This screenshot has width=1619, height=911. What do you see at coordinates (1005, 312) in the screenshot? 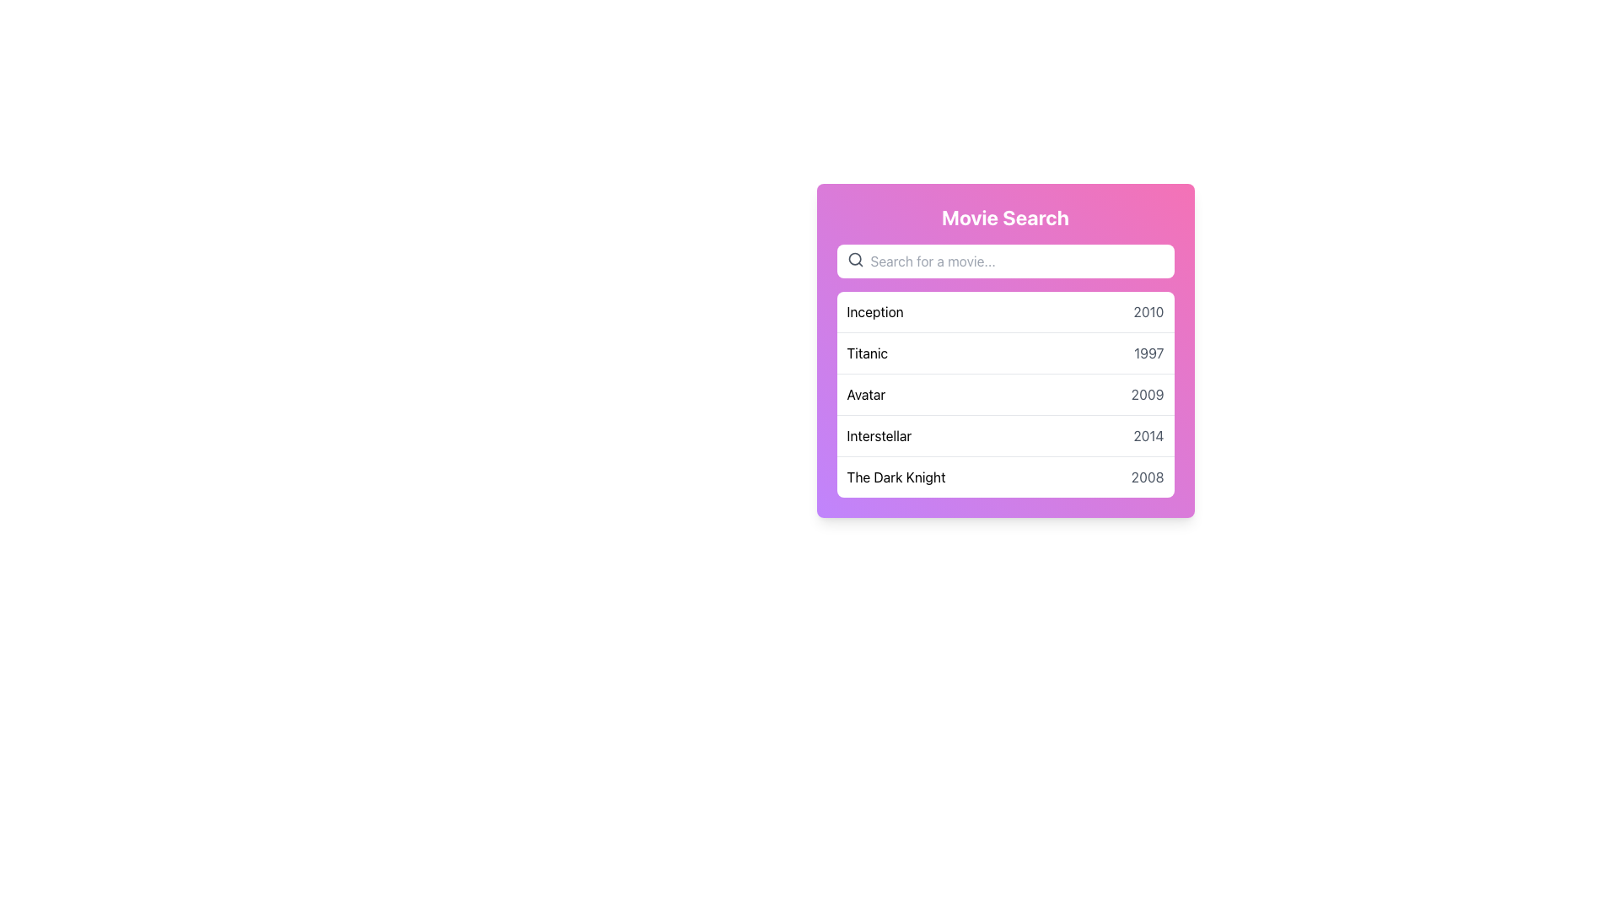
I see `the first selectable list item for the movie 'Inception' (2010)` at bounding box center [1005, 312].